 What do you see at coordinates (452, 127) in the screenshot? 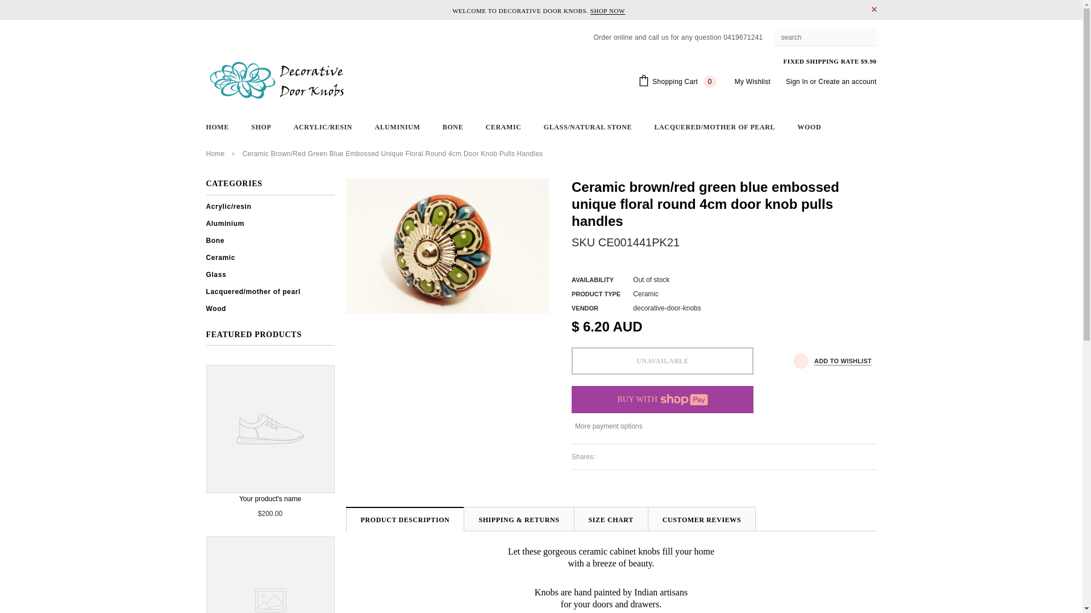
I see `'BONE'` at bounding box center [452, 127].